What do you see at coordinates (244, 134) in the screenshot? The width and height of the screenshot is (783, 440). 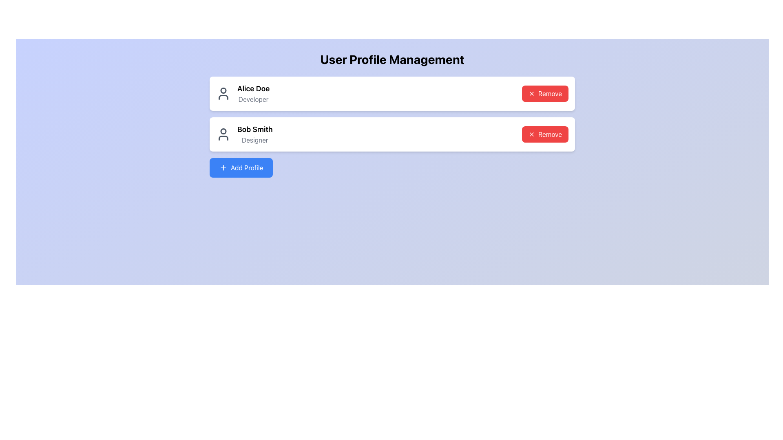 I see `the Label displaying the name and position of a user in the second profile card, located to the right of the avatar icon and above the 'Remove' button` at bounding box center [244, 134].